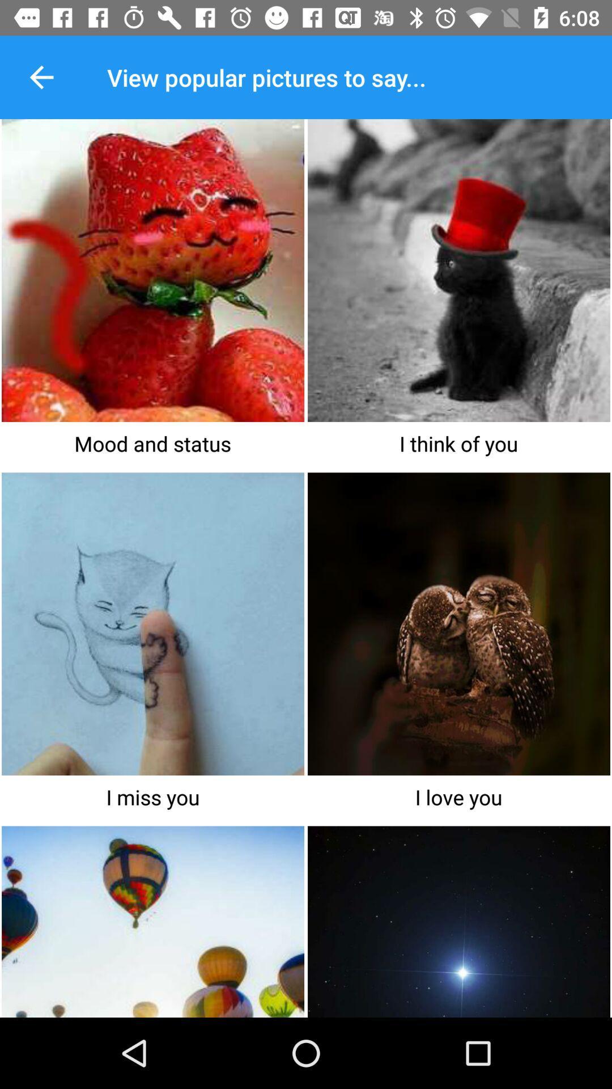 This screenshot has height=1089, width=612. I want to click on item to the left of view popular pictures item, so click(41, 77).